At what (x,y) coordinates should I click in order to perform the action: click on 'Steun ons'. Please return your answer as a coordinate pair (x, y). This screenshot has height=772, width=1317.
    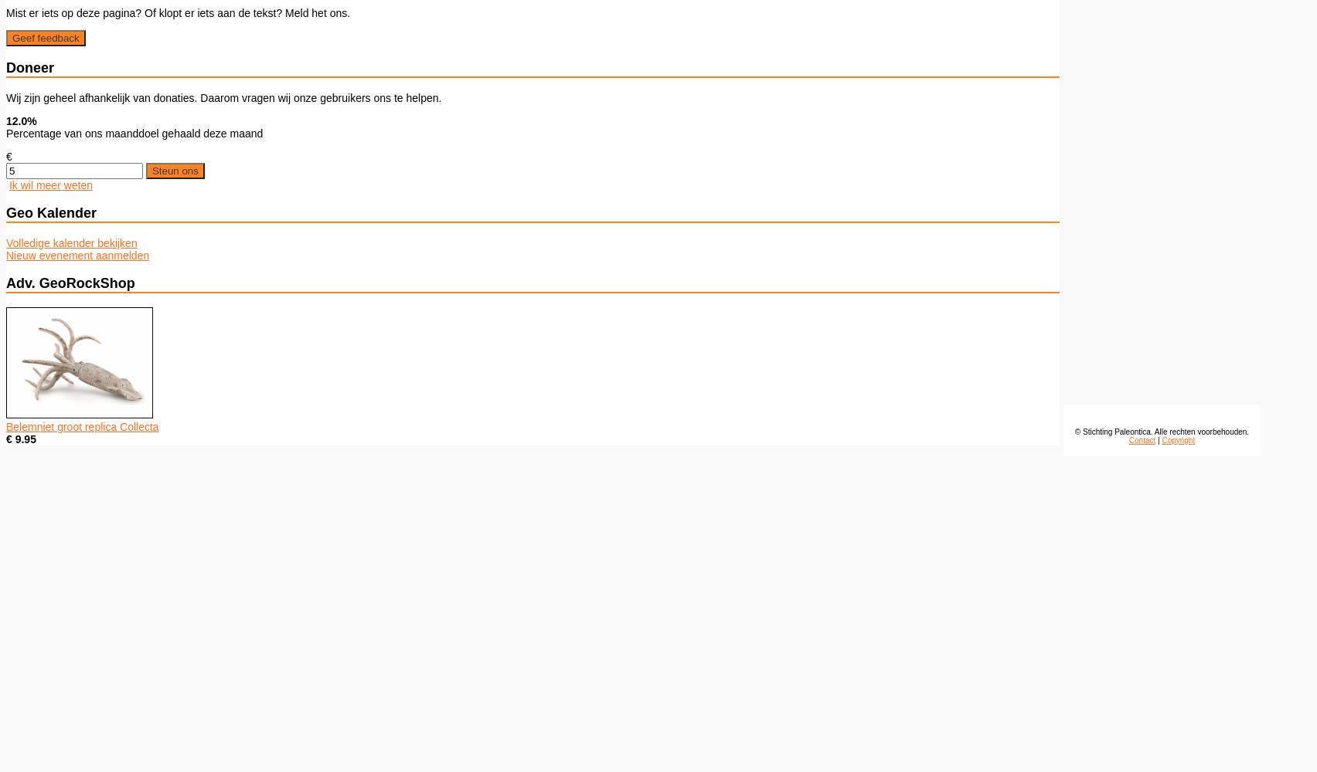
    Looking at the image, I should click on (151, 169).